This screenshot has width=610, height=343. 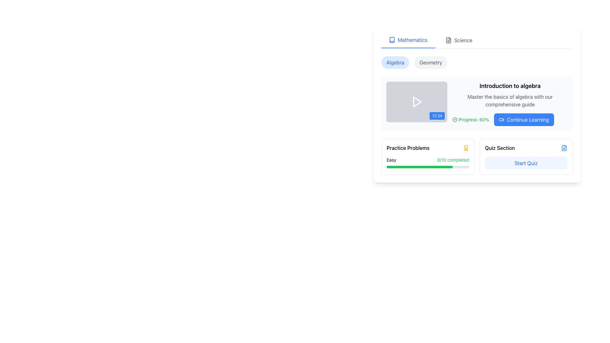 I want to click on the play button, which is an iconic triangular shape resembling a play button, located centrally within a gray rectangular background on the educational content module 'Introduction to algebra', so click(x=417, y=101).